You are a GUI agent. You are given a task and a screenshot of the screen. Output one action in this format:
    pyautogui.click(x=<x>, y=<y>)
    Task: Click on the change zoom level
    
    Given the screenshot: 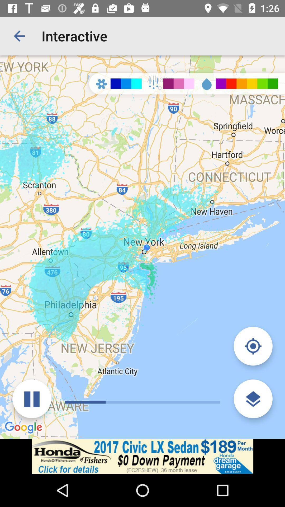 What is the action you would take?
    pyautogui.click(x=253, y=399)
    